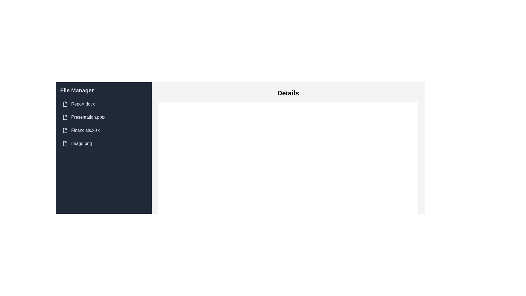 This screenshot has height=296, width=526. I want to click on the file entry labeled 'Image.png', so click(104, 143).